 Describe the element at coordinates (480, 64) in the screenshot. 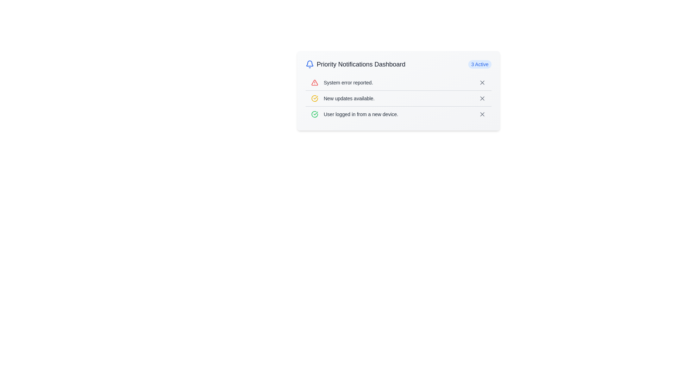

I see `the status label indicating the count of active notifications located on the right side of the 'Priority Notifications Dashboard'` at that location.